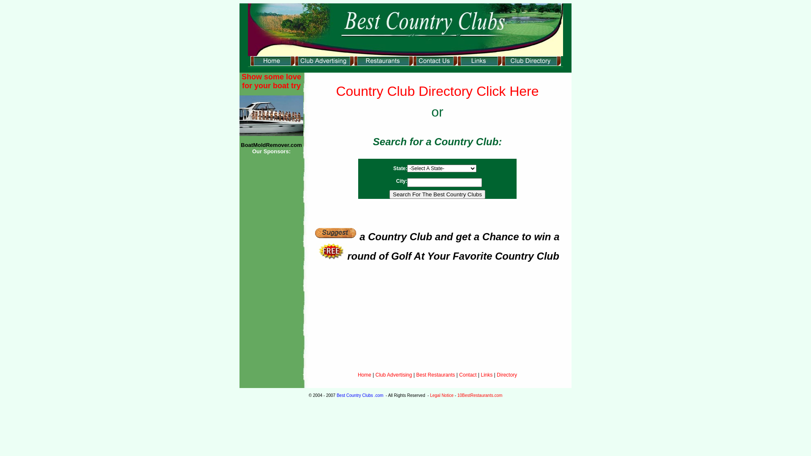  Describe the element at coordinates (271, 81) in the screenshot. I see `'Show some love for your boat try'` at that location.